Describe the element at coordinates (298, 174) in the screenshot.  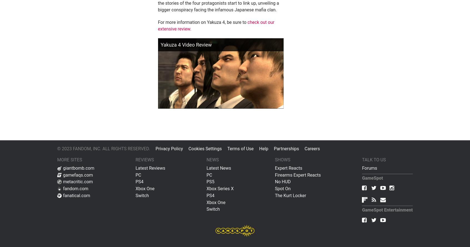
I see `'Firearms Expert Reacts'` at that location.